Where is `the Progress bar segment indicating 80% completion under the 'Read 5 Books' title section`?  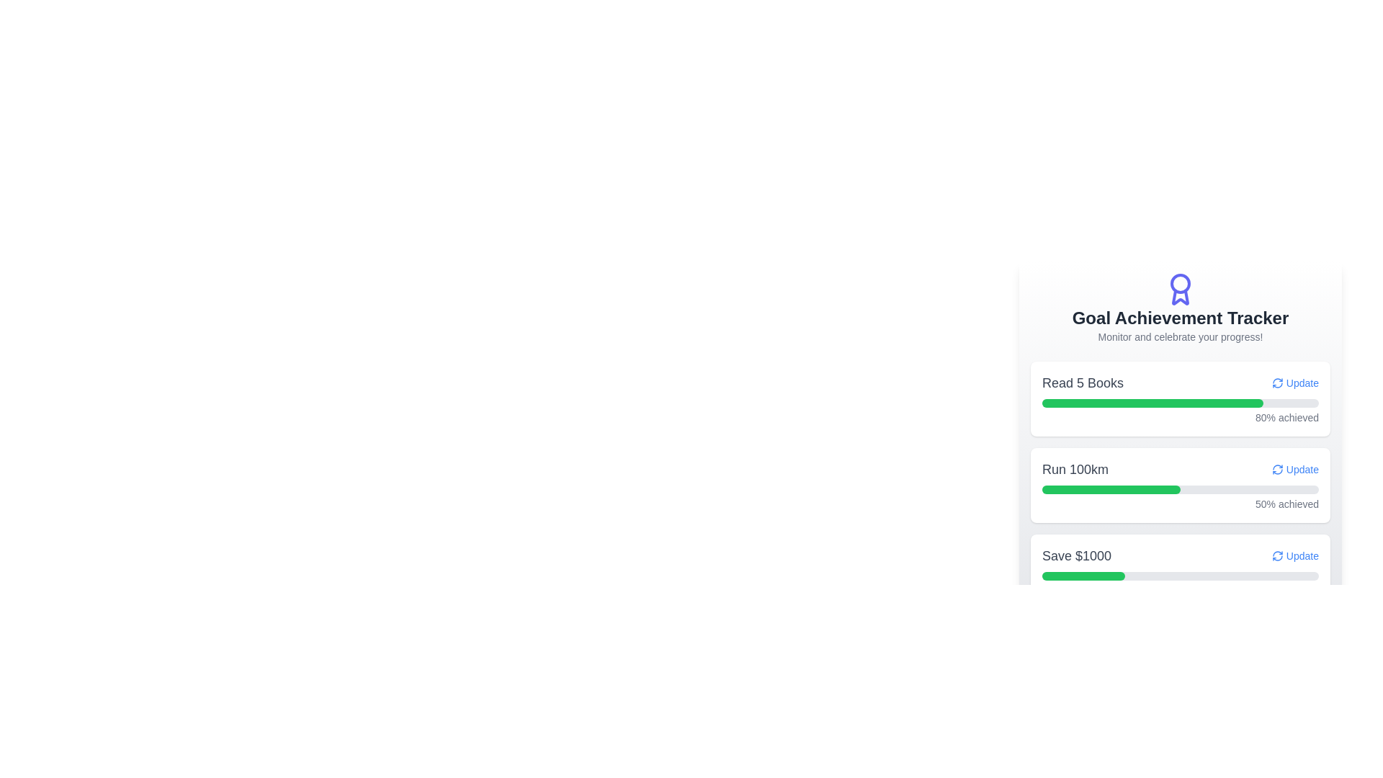
the Progress bar segment indicating 80% completion under the 'Read 5 Books' title section is located at coordinates (1152, 403).